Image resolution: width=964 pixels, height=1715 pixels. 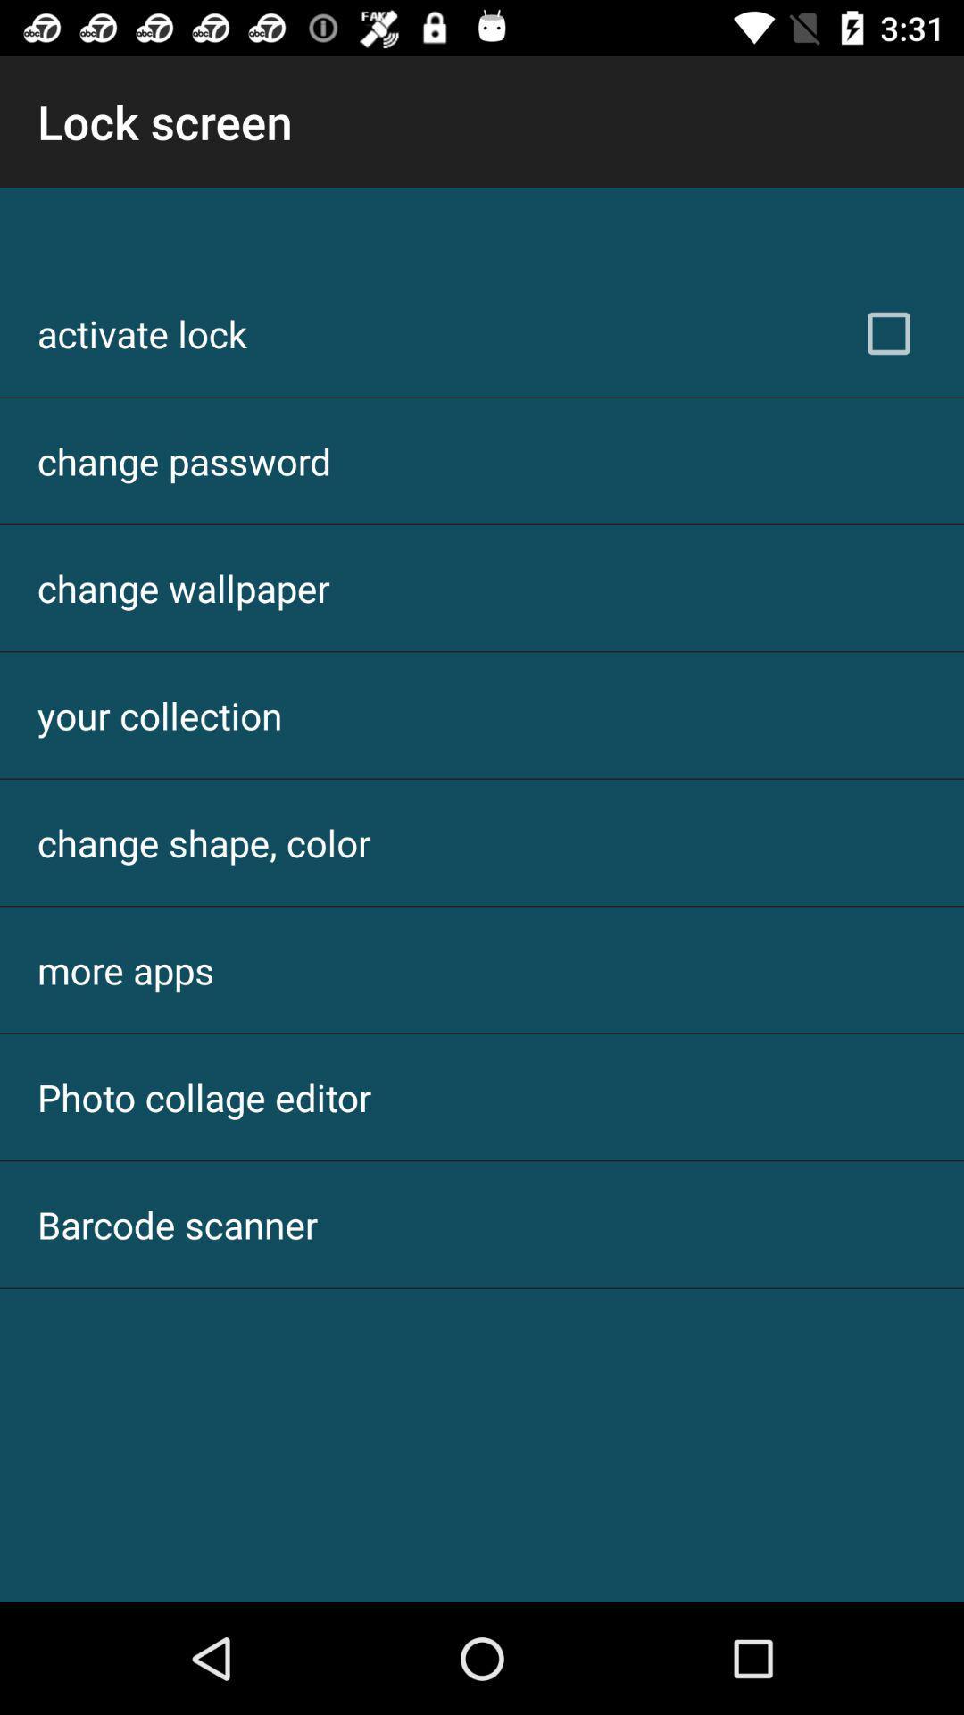 What do you see at coordinates (203, 841) in the screenshot?
I see `item above more apps item` at bounding box center [203, 841].